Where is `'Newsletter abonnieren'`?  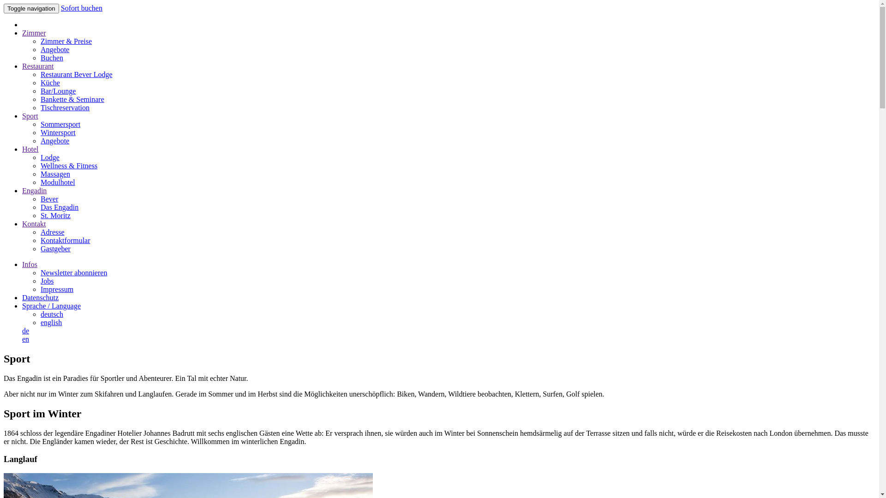 'Newsletter abonnieren' is located at coordinates (40, 272).